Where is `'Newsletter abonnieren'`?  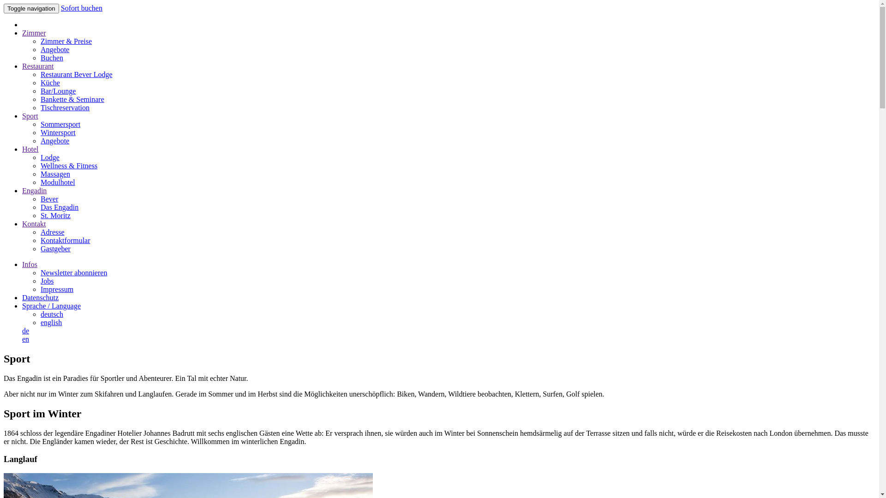 'Newsletter abonnieren' is located at coordinates (40, 272).